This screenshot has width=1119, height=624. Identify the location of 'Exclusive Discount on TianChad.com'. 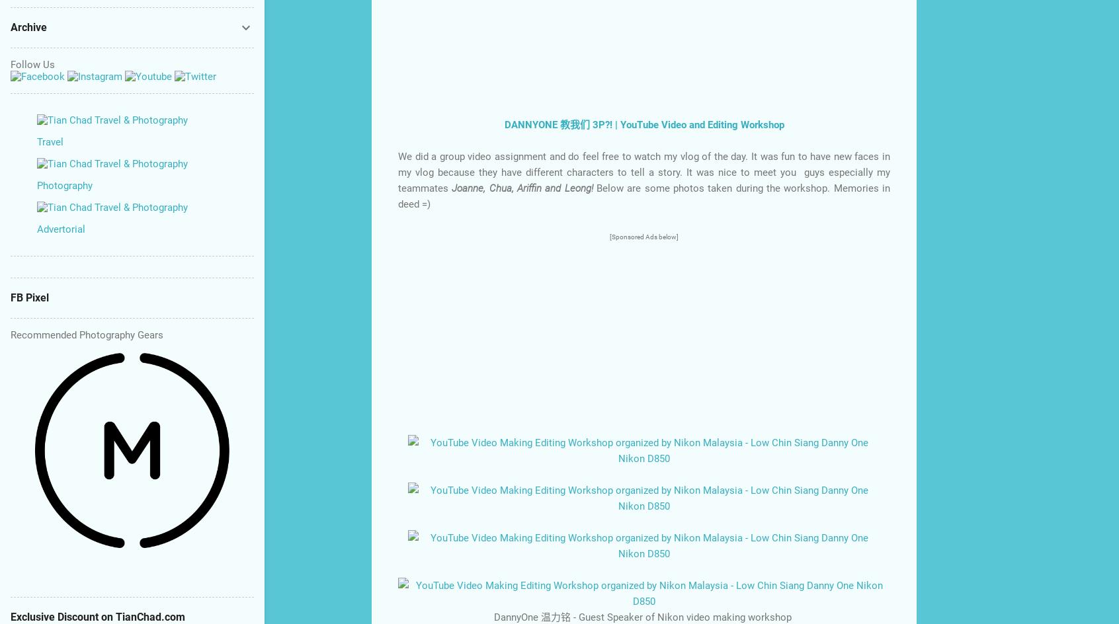
(97, 615).